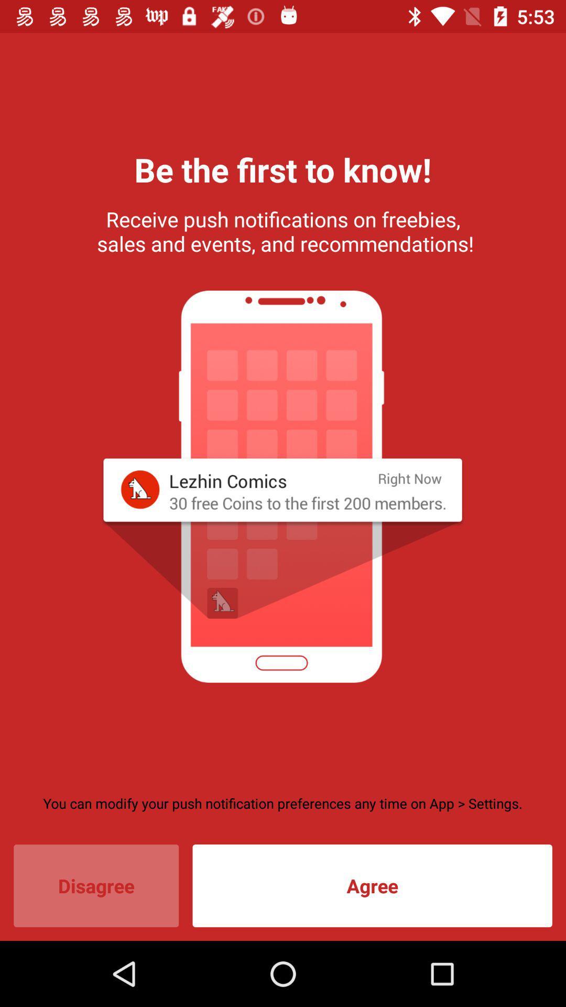 The height and width of the screenshot is (1007, 566). Describe the element at coordinates (96, 885) in the screenshot. I see `icon at the bottom left corner` at that location.